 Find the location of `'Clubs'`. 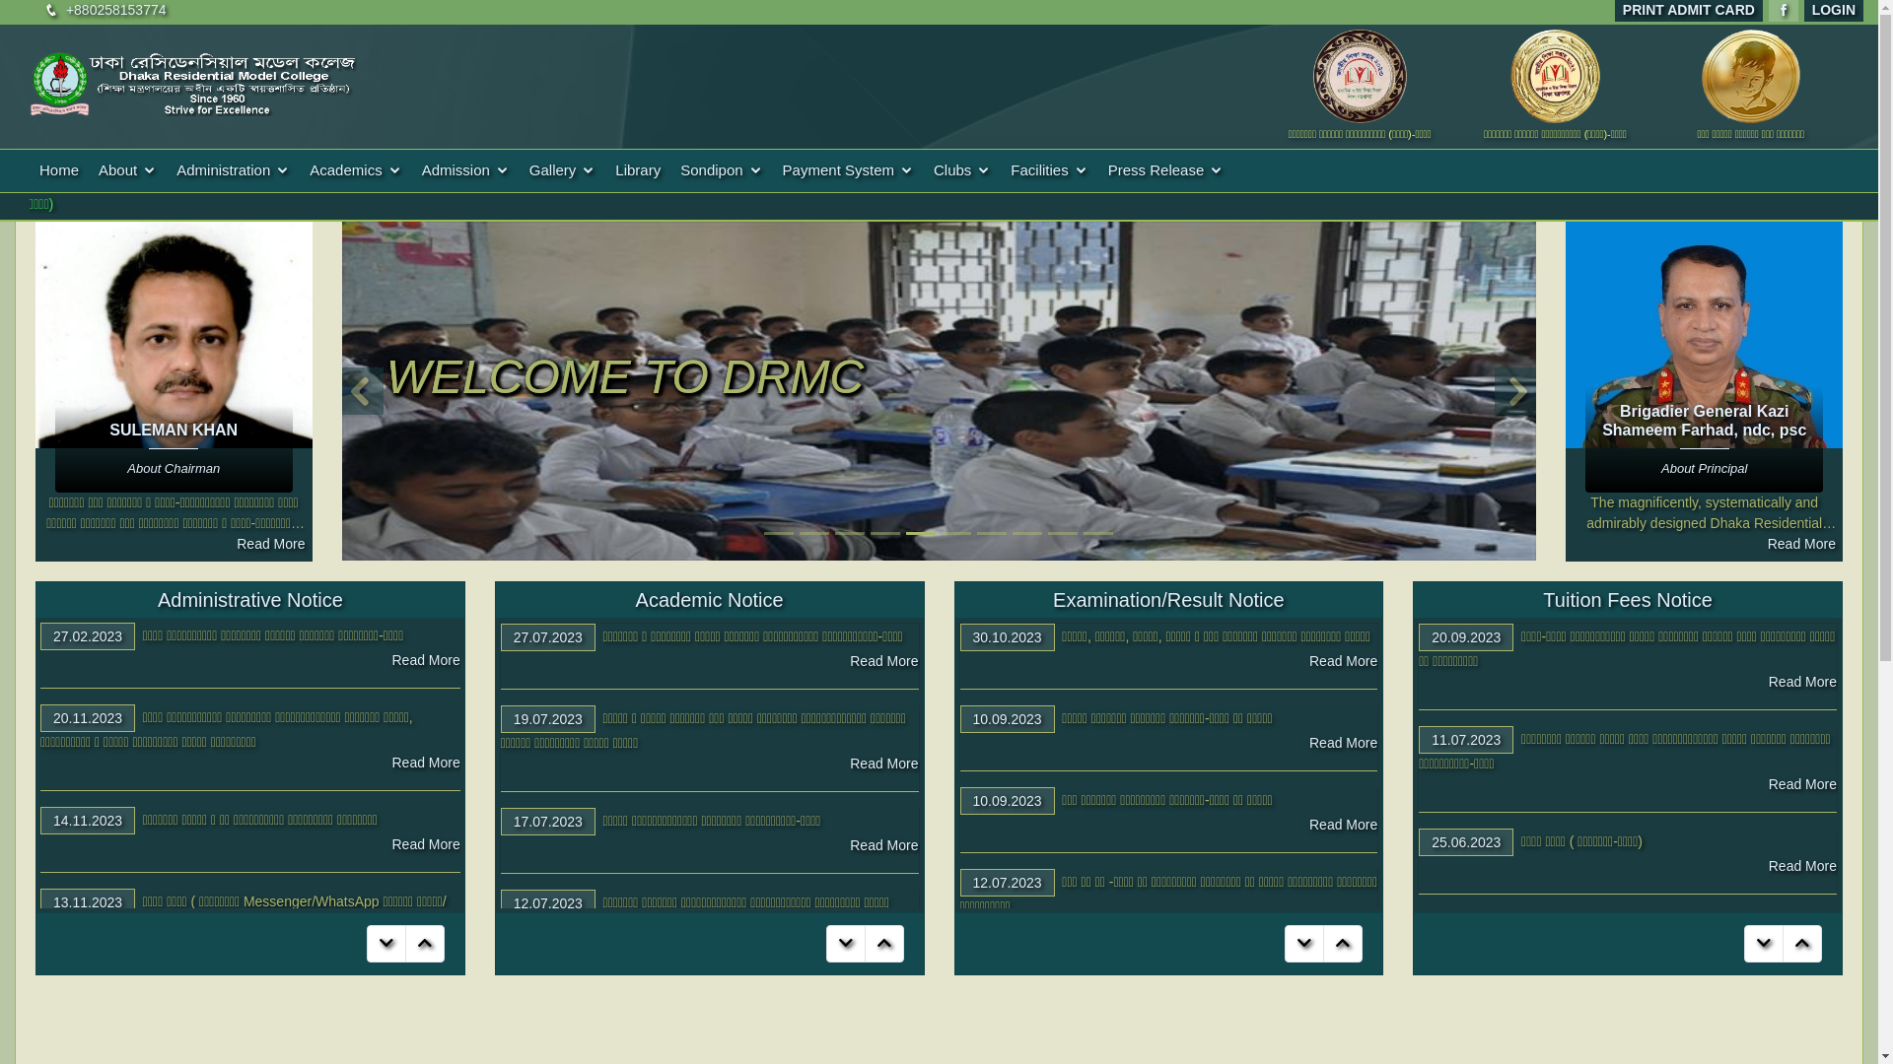

'Clubs' is located at coordinates (961, 169).